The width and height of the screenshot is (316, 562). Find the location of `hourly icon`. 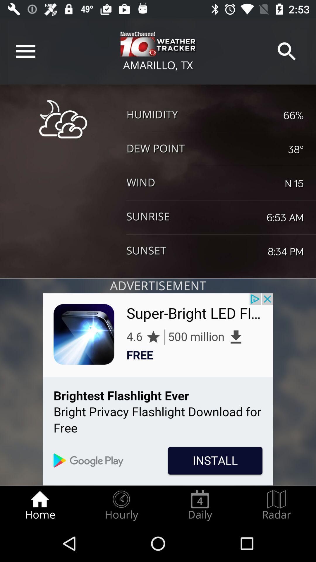

hourly icon is located at coordinates (121, 505).